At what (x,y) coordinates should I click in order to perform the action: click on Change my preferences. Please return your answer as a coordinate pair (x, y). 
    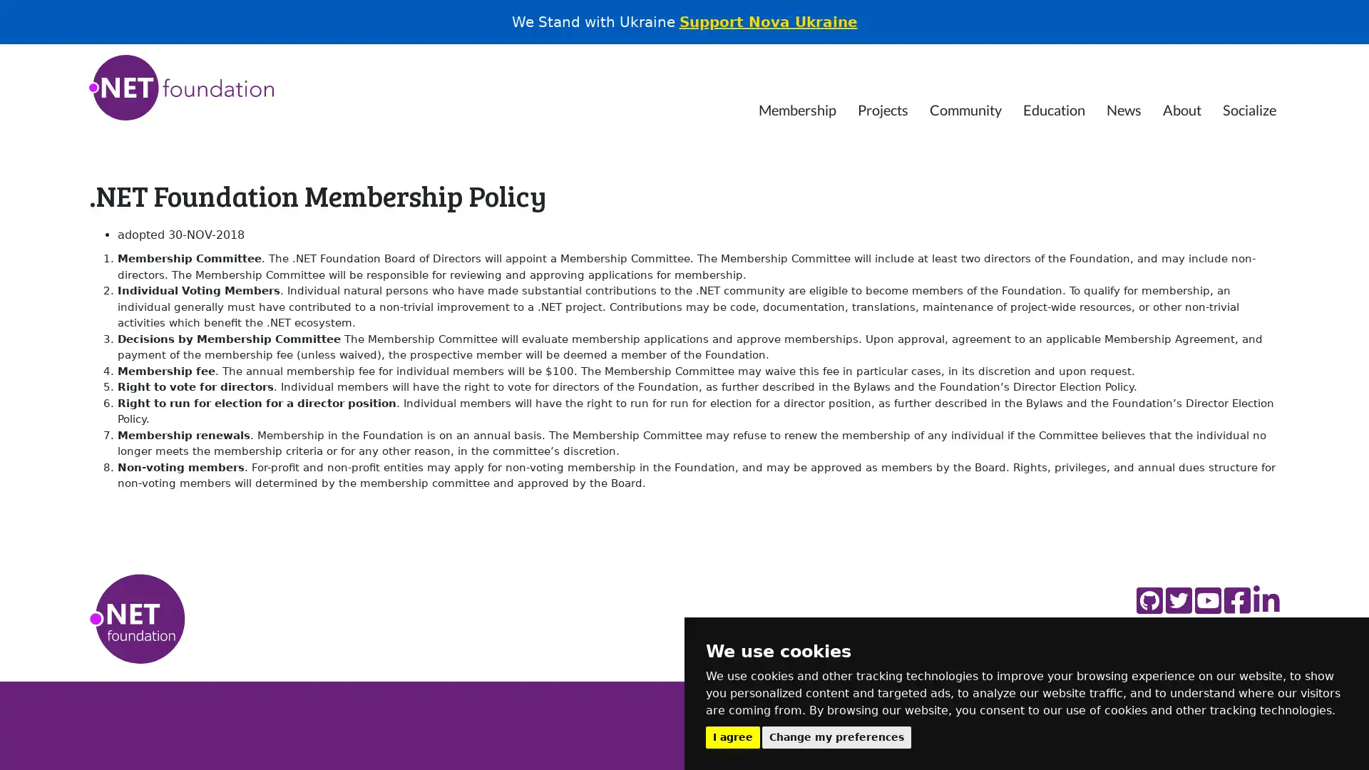
    Looking at the image, I should click on (836, 737).